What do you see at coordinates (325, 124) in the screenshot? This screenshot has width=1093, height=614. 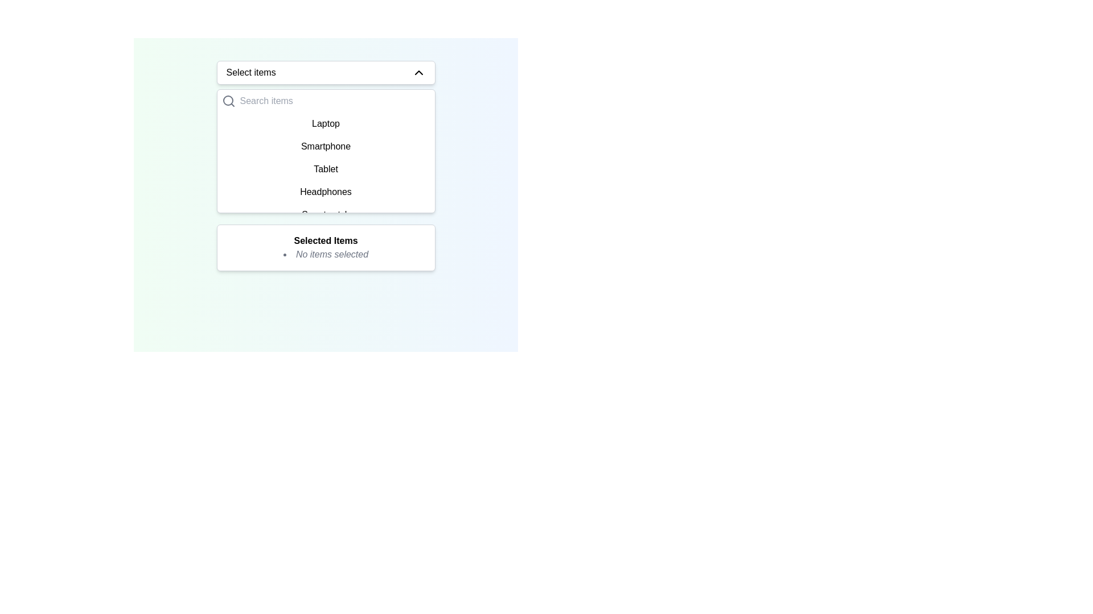 I see `to select the first entry in the dropdown list that displays the word 'Laptop'` at bounding box center [325, 124].